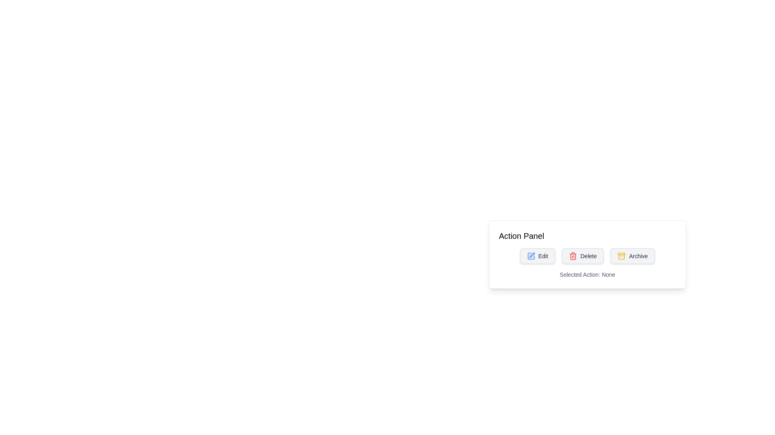 This screenshot has height=435, width=775. I want to click on the 'Edit' text label located to the right of the pen icon in the action panel, so click(543, 256).